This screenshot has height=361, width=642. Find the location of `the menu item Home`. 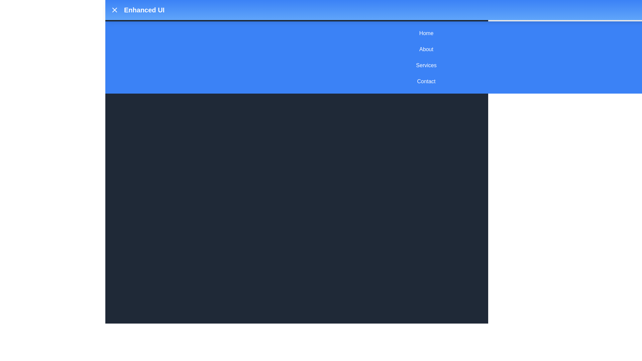

the menu item Home is located at coordinates (426, 33).